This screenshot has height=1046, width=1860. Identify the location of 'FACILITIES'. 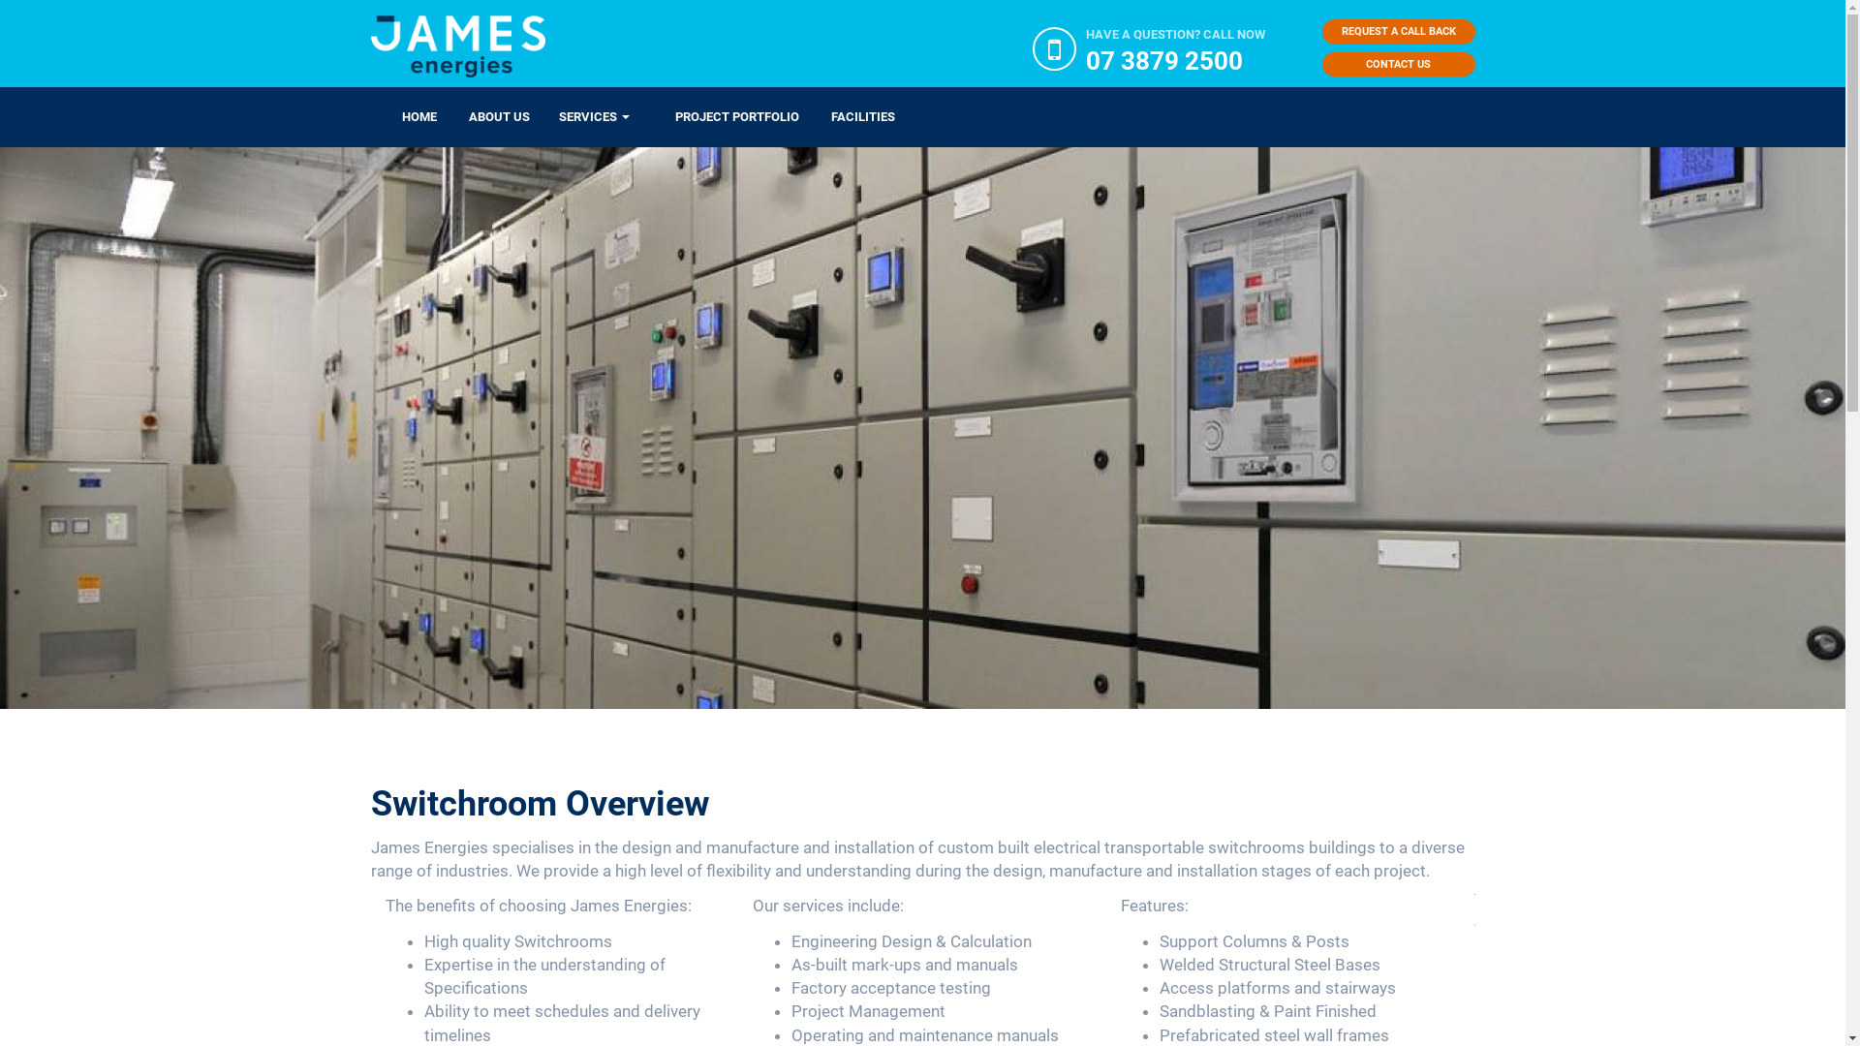
(799, 116).